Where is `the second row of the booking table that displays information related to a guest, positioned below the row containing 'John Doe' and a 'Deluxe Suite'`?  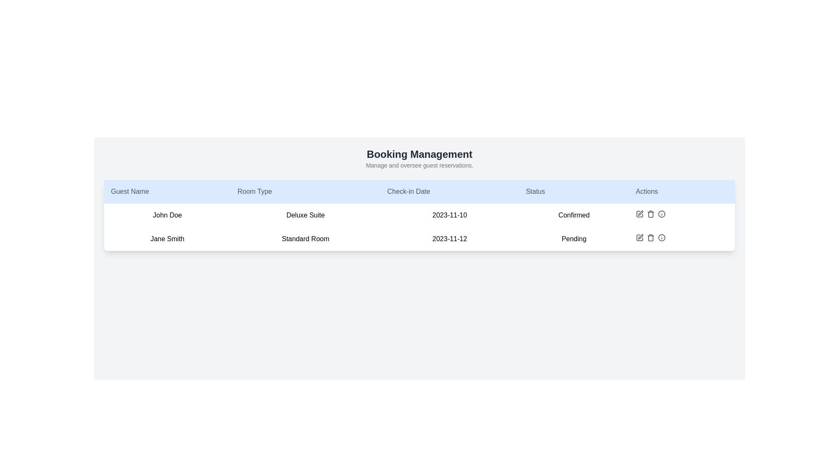
the second row of the booking table that displays information related to a guest, positioned below the row containing 'John Doe' and a 'Deluxe Suite' is located at coordinates (419, 239).